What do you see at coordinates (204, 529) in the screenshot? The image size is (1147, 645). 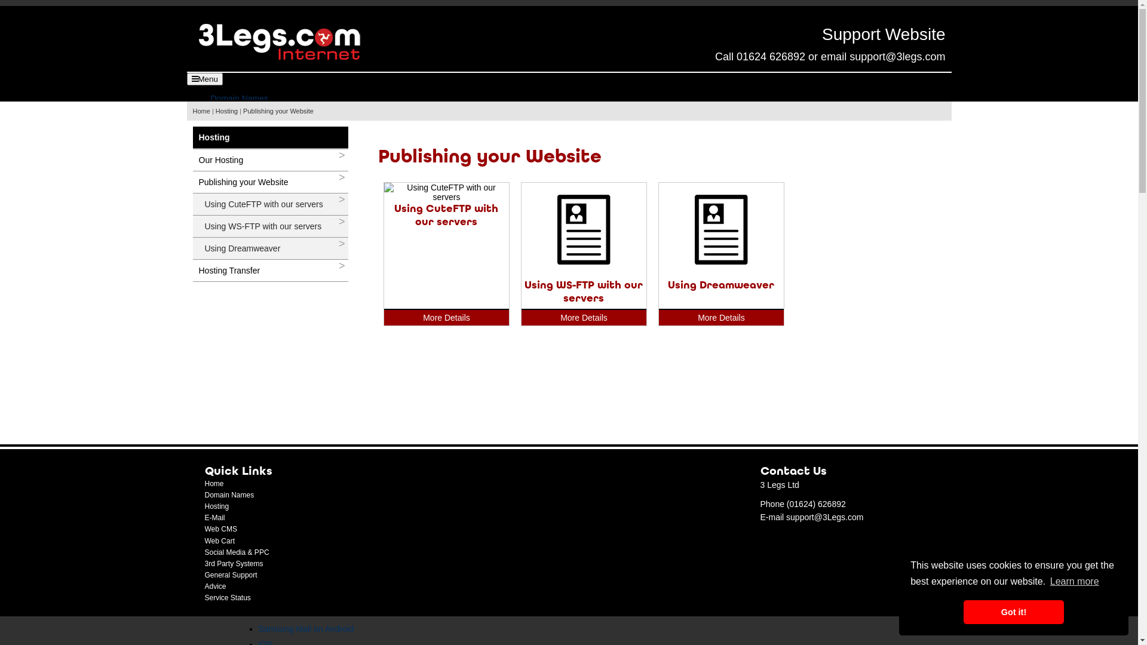 I see `'Web CMS'` at bounding box center [204, 529].